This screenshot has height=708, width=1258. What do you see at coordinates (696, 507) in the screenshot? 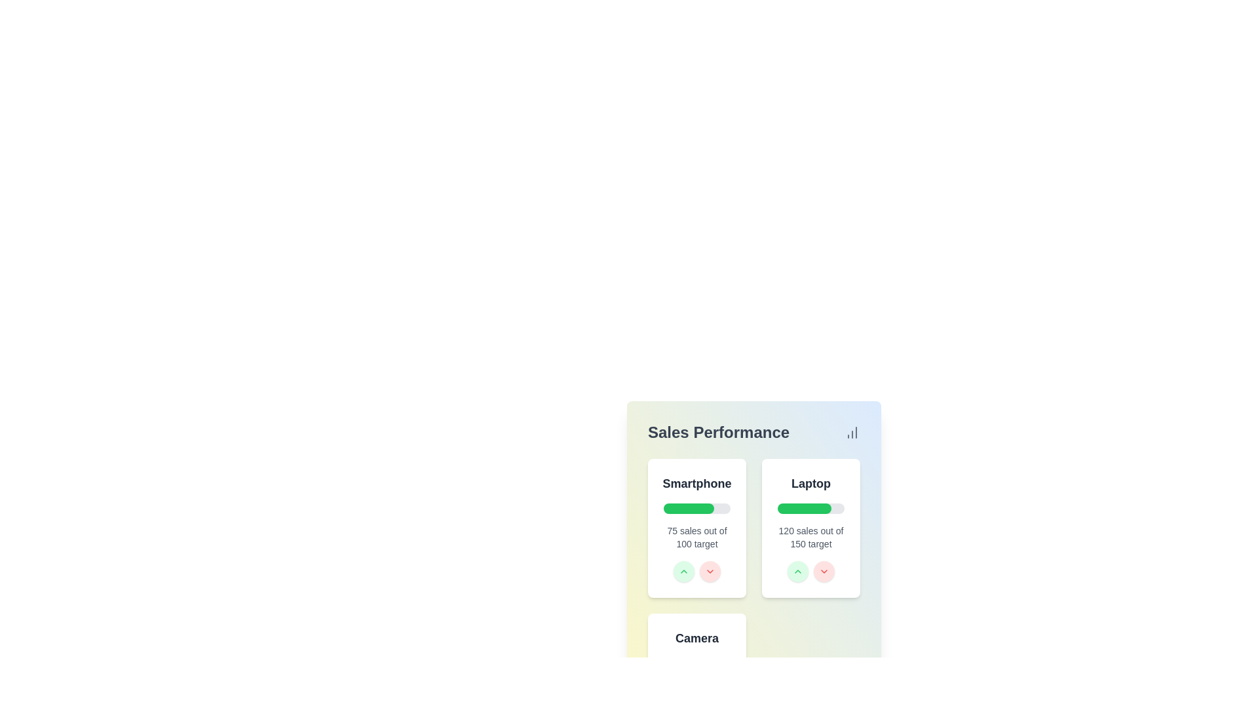
I see `the progress bar indicating 75% completion located within the 'Smartphone' card in the 'Sales Performance' section` at bounding box center [696, 507].